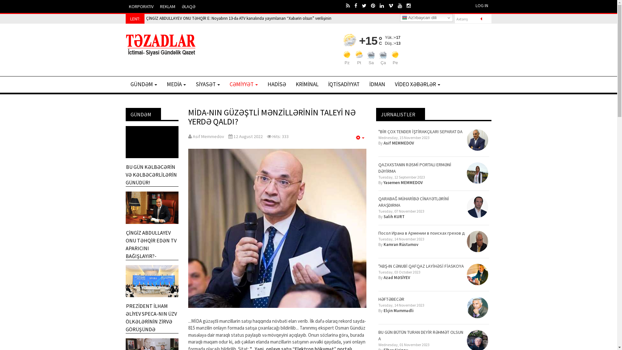 This screenshot has height=350, width=622. I want to click on 'Salih KURT', so click(394, 216).